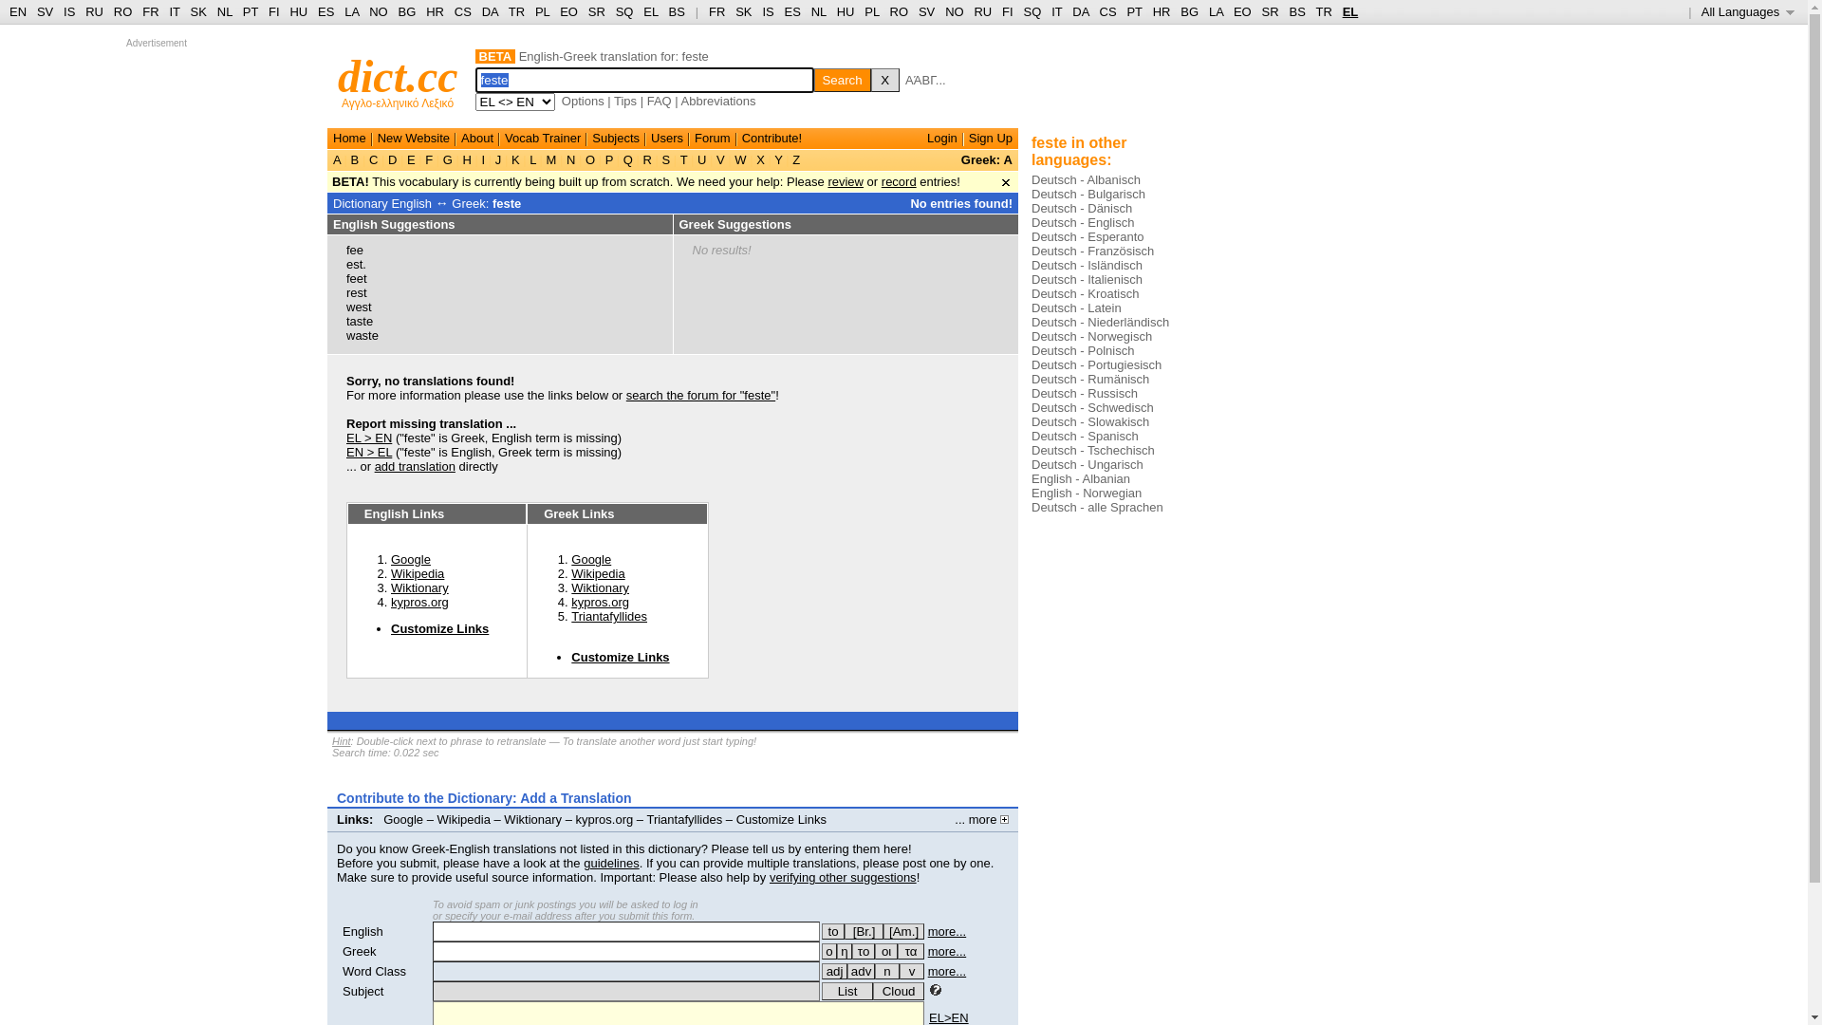  What do you see at coordinates (428, 158) in the screenshot?
I see `'F'` at bounding box center [428, 158].